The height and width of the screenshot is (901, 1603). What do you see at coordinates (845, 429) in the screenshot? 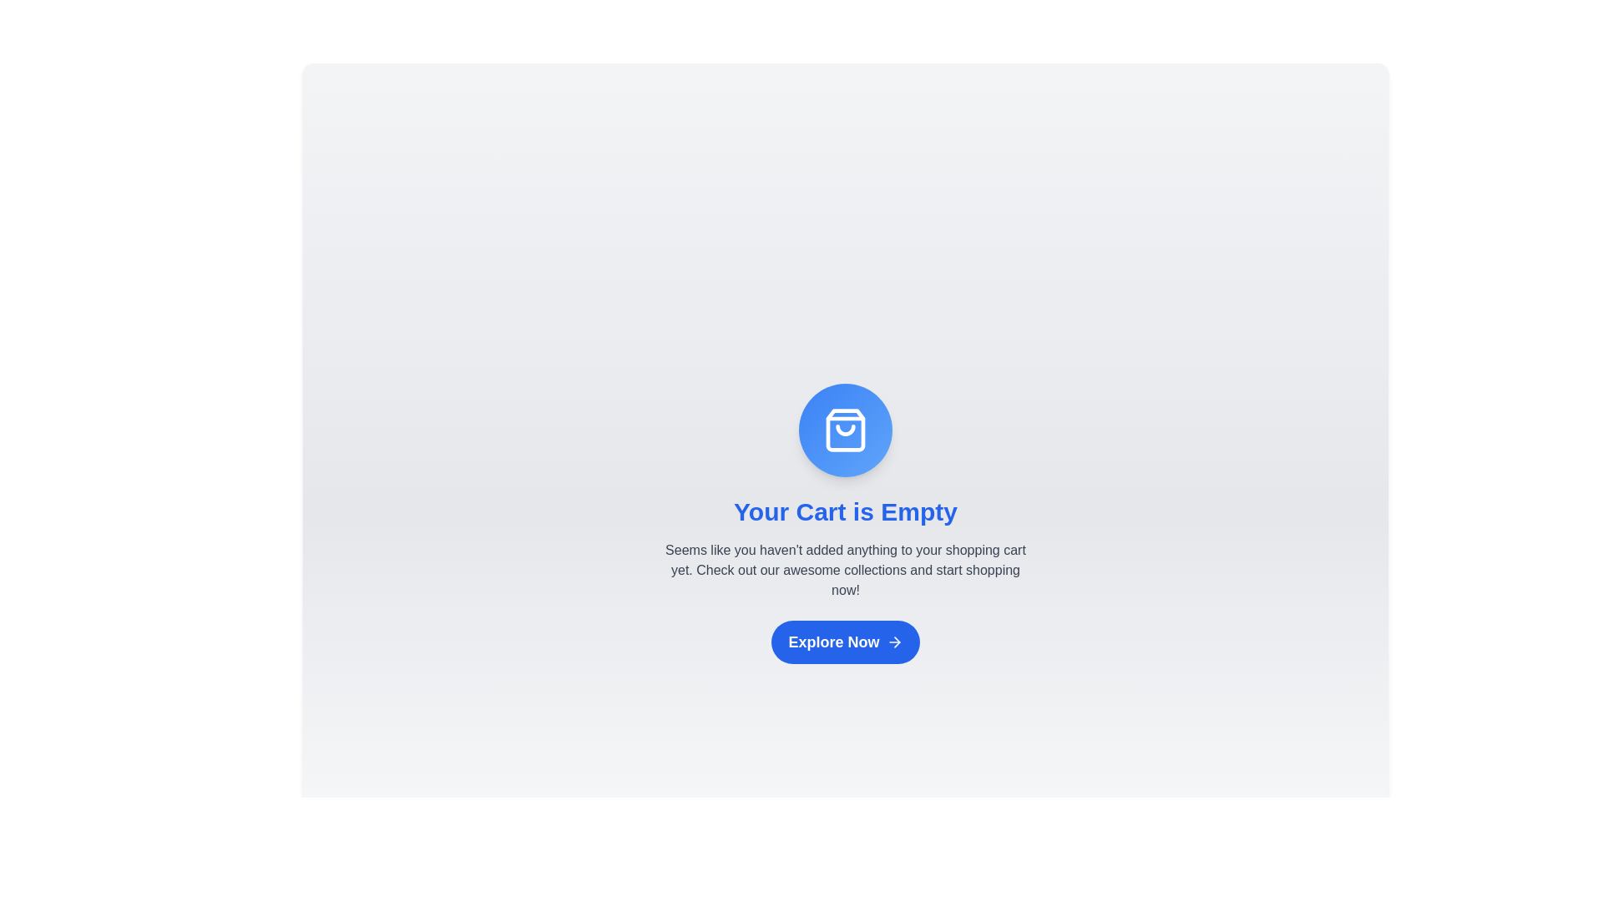
I see `the shopping cart icon located above the text 'Your Cart is Empty', which is represented by a circular icon with a bag and handle design` at bounding box center [845, 429].